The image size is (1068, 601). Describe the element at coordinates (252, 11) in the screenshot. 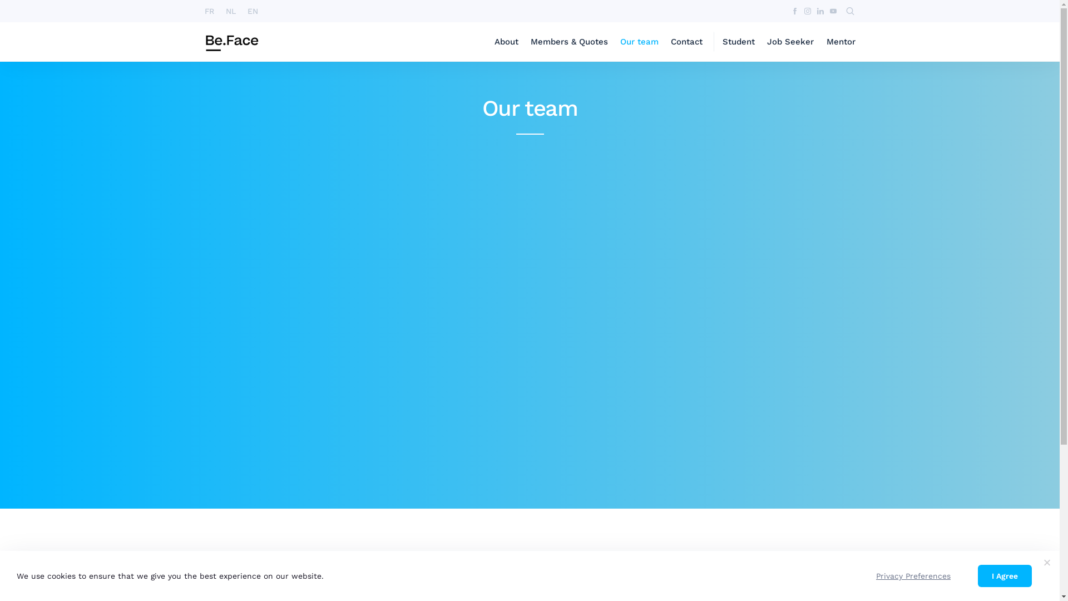

I see `'EN'` at that location.